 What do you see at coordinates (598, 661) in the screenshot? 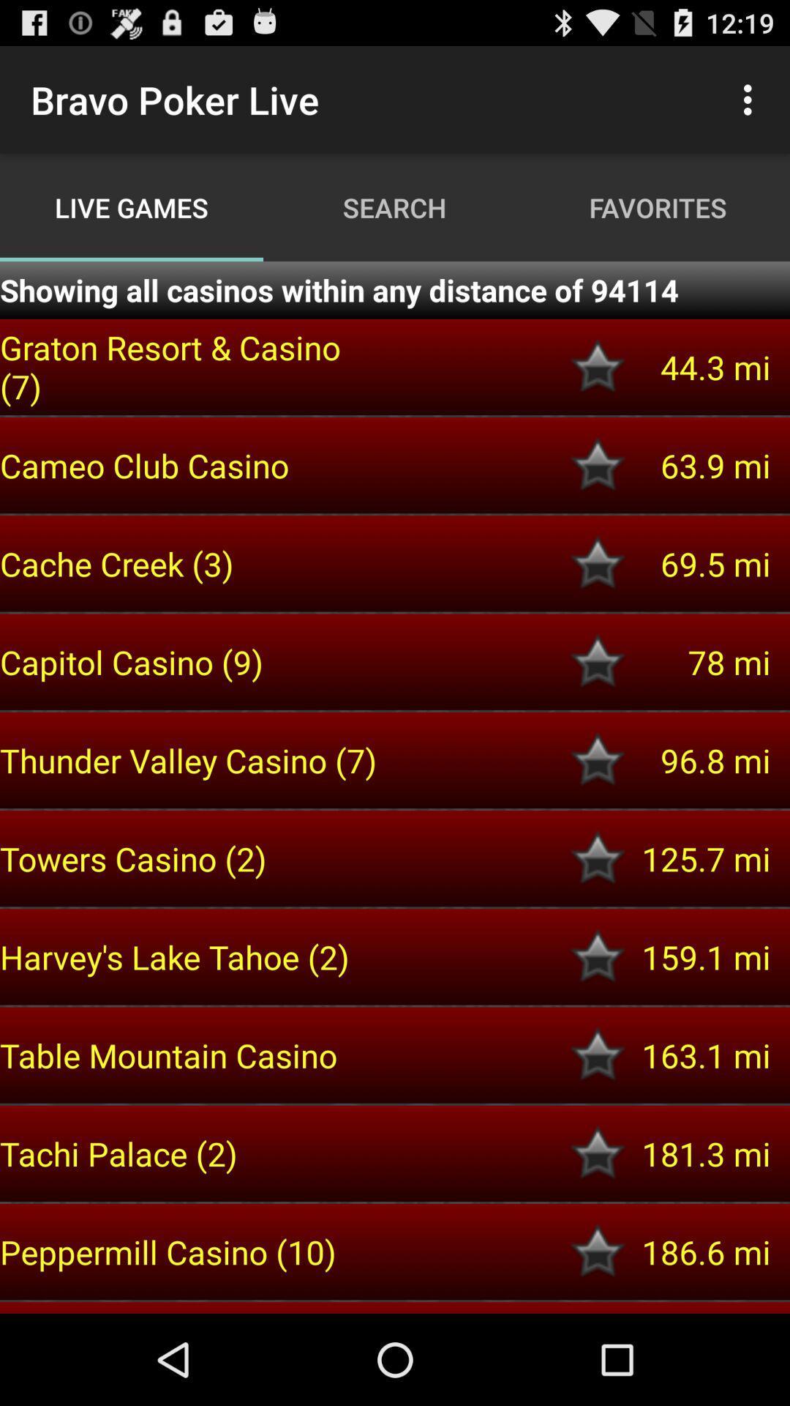
I see `as favorite` at bounding box center [598, 661].